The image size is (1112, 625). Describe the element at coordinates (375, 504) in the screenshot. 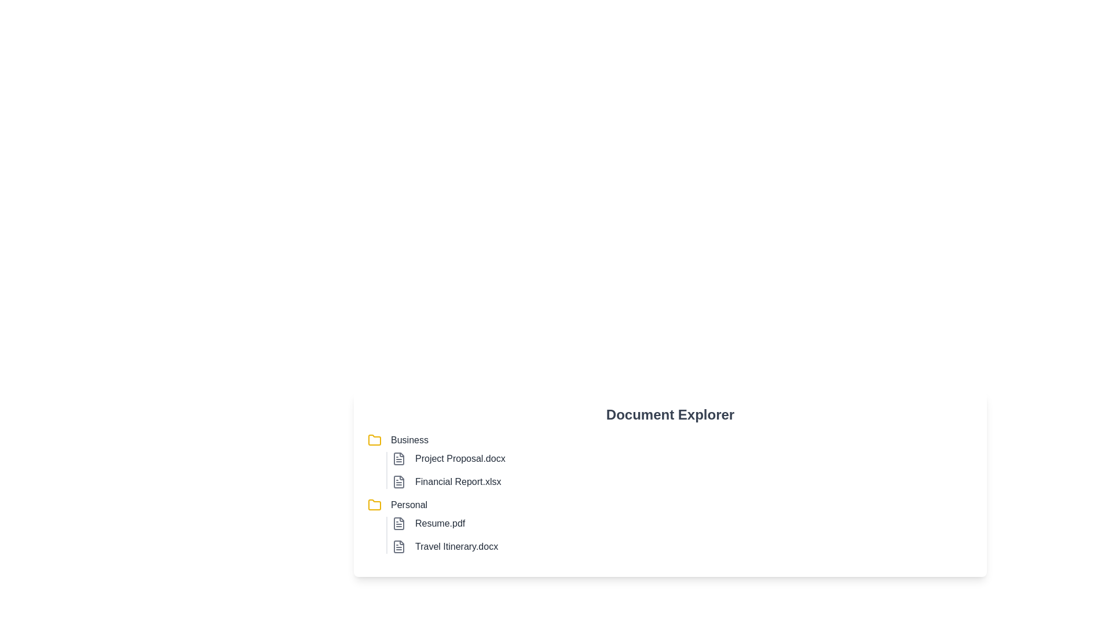

I see `the folder icon representing 'Personal'` at that location.